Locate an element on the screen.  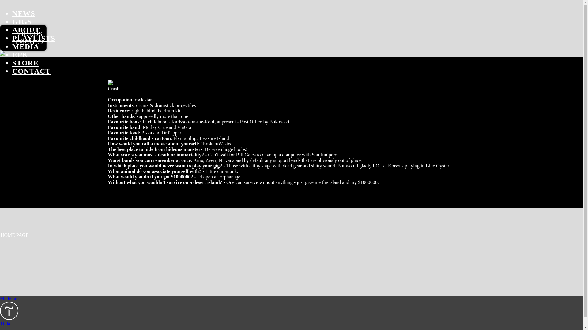
'GIGS' is located at coordinates (12, 21).